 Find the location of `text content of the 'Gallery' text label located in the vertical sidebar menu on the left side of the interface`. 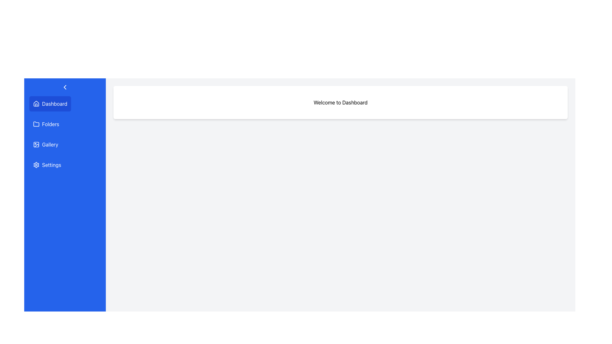

text content of the 'Gallery' text label located in the vertical sidebar menu on the left side of the interface is located at coordinates (50, 145).